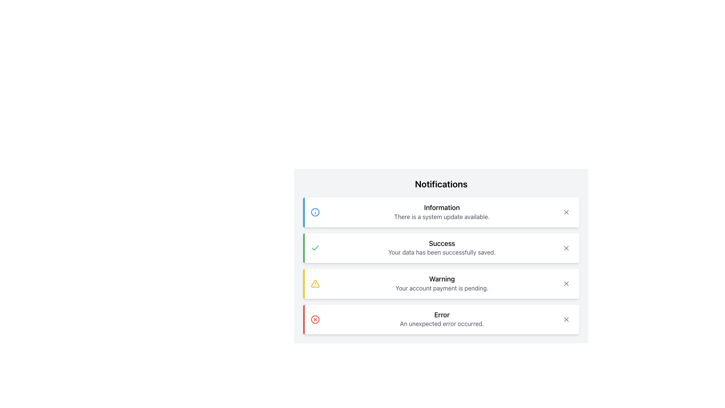  I want to click on keyboard navigation, so click(442, 284).